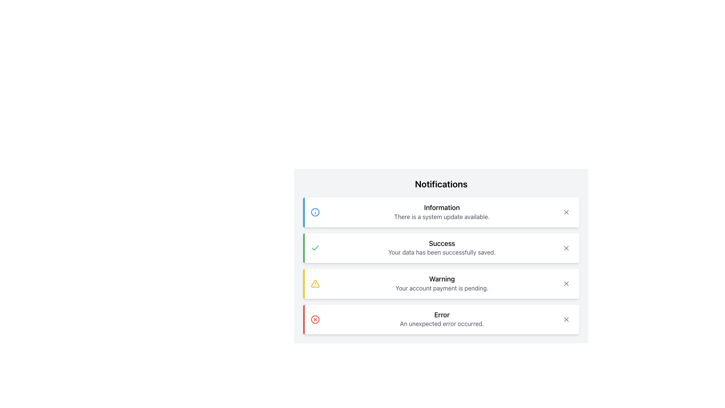  I want to click on keyboard navigation, so click(442, 284).